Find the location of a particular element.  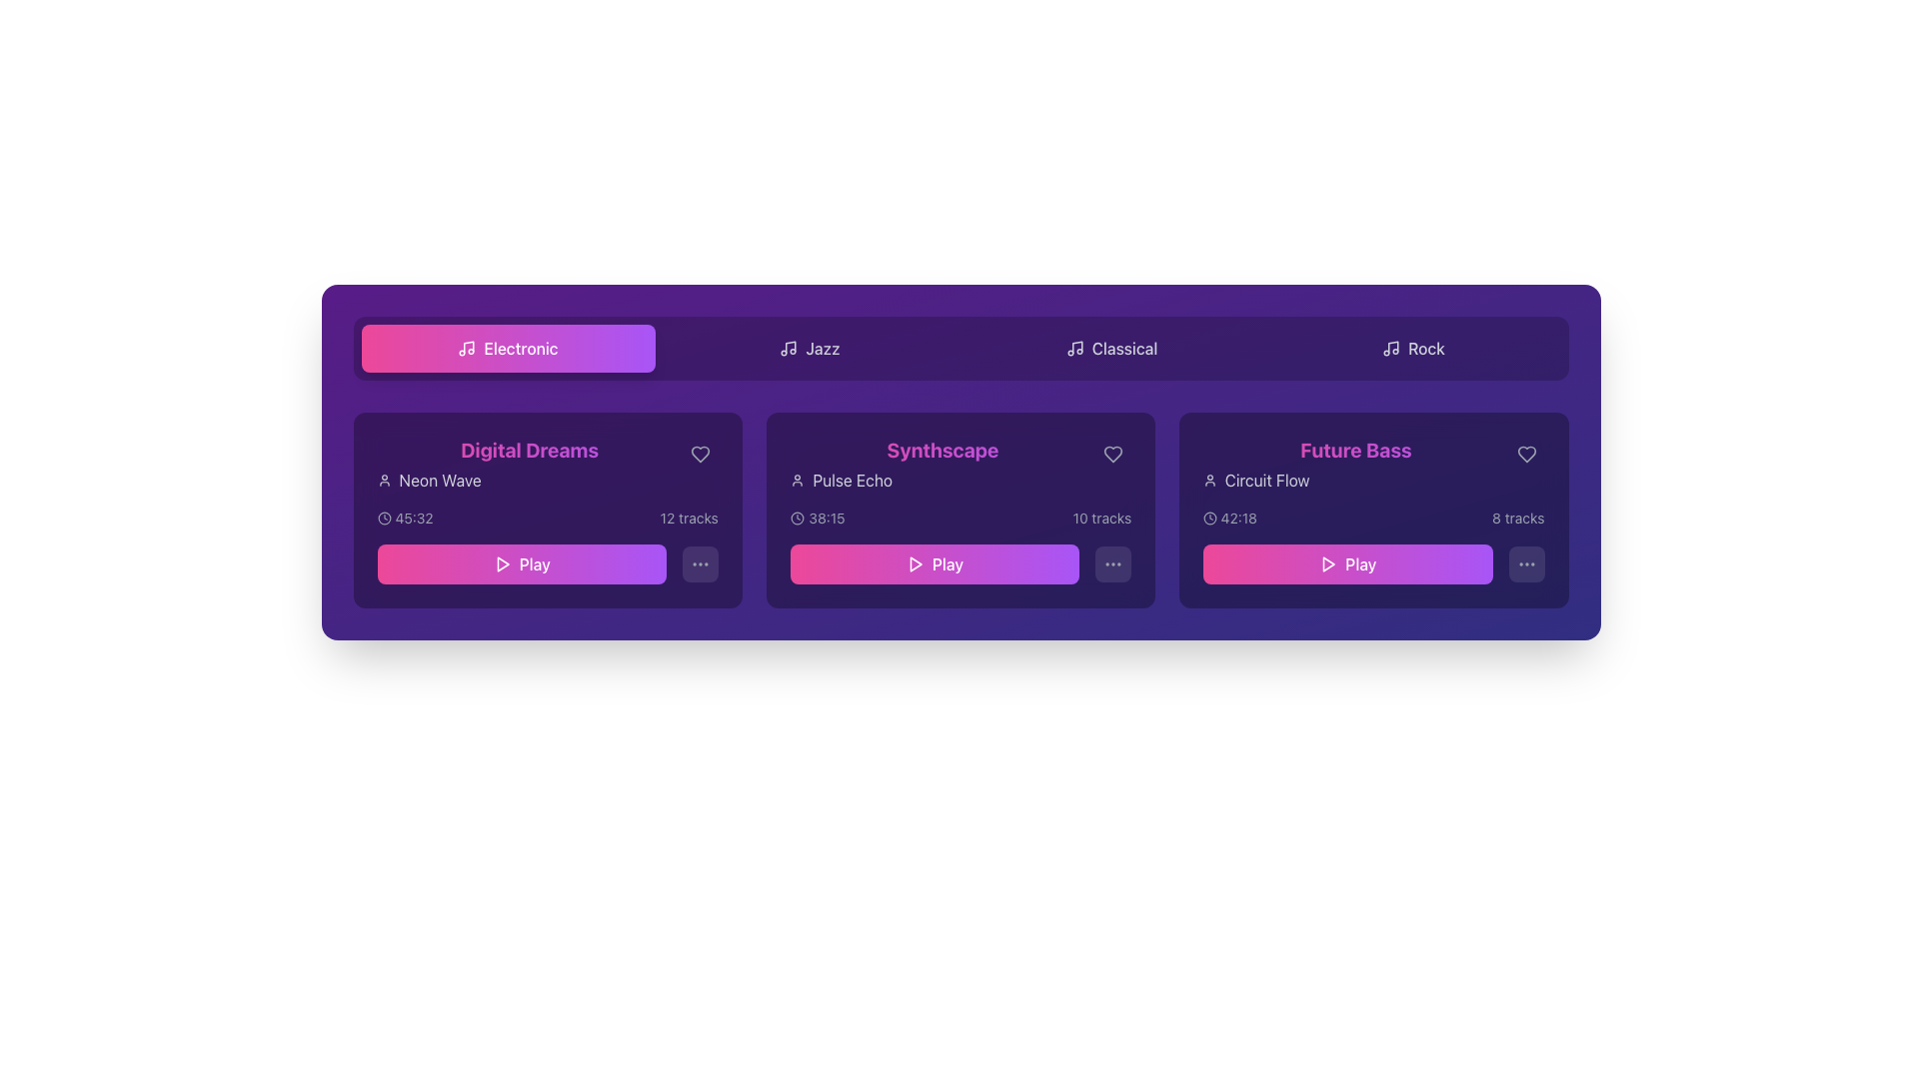

the state of the heart-shaped icon in the top-right corner of the 'Digital Dreams' card to check if the item is favorited is located at coordinates (700, 455).